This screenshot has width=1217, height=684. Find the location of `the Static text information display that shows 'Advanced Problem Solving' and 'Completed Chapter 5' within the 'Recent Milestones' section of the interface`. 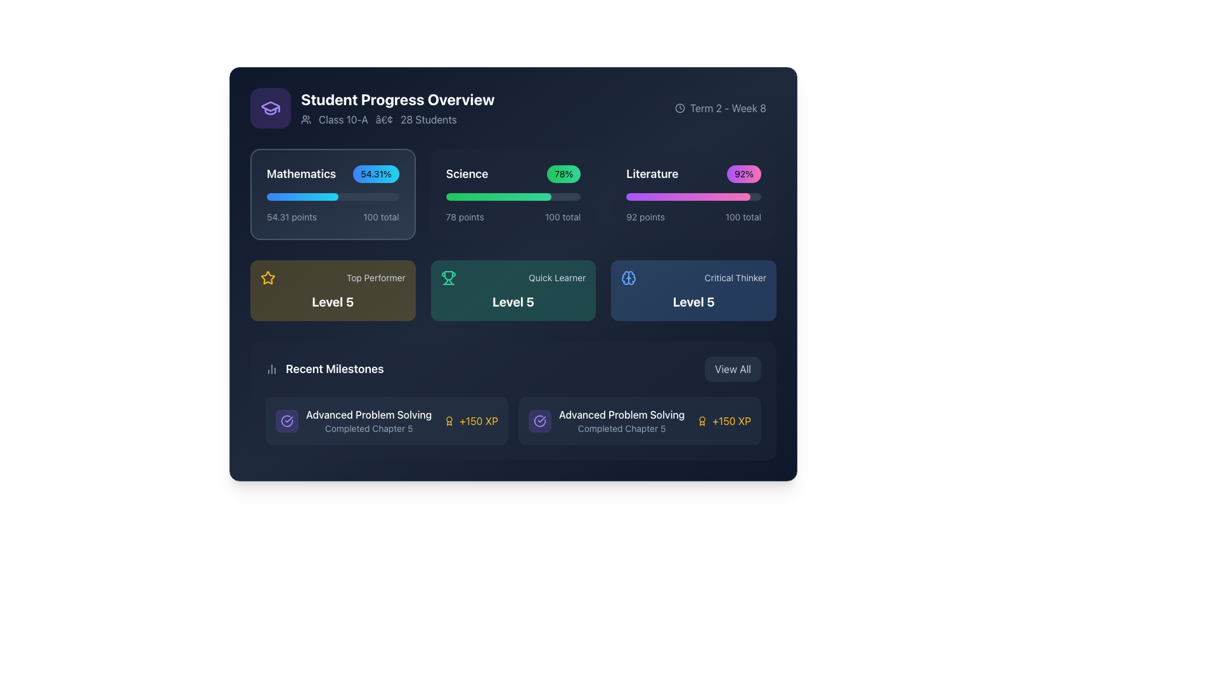

the Static text information display that shows 'Advanced Problem Solving' and 'Completed Chapter 5' within the 'Recent Milestones' section of the interface is located at coordinates (622, 421).